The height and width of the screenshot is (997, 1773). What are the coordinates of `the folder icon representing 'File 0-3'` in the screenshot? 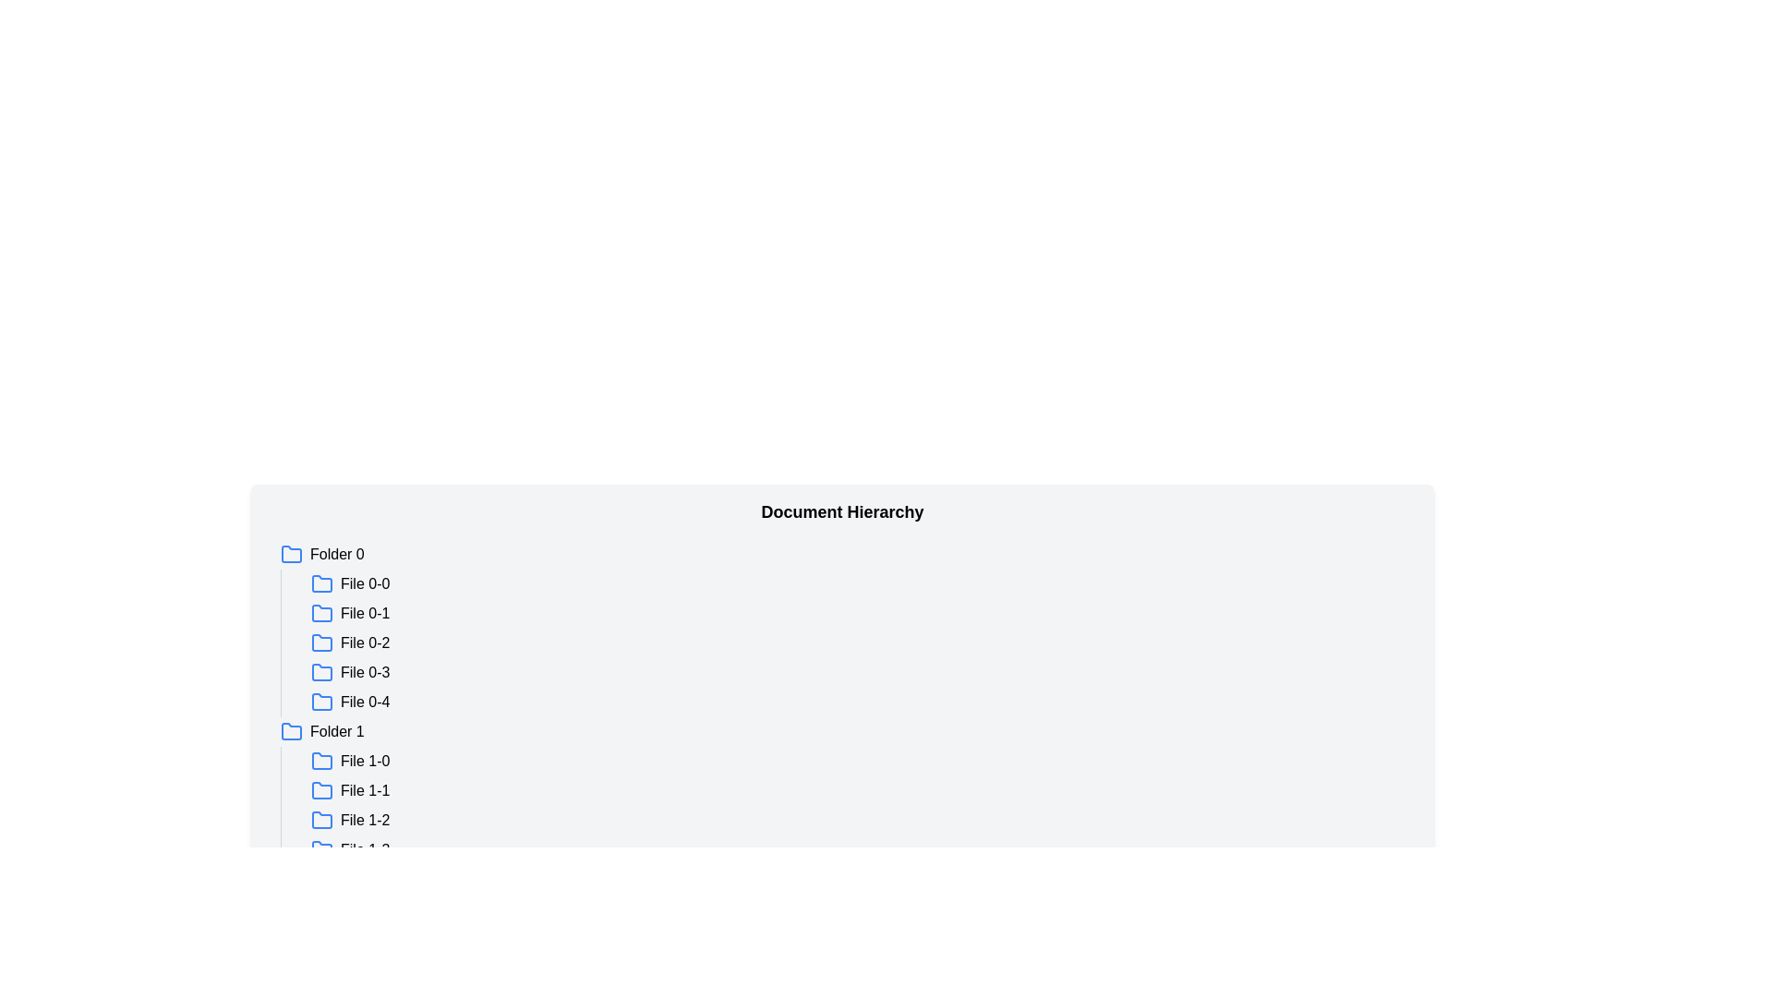 It's located at (322, 673).